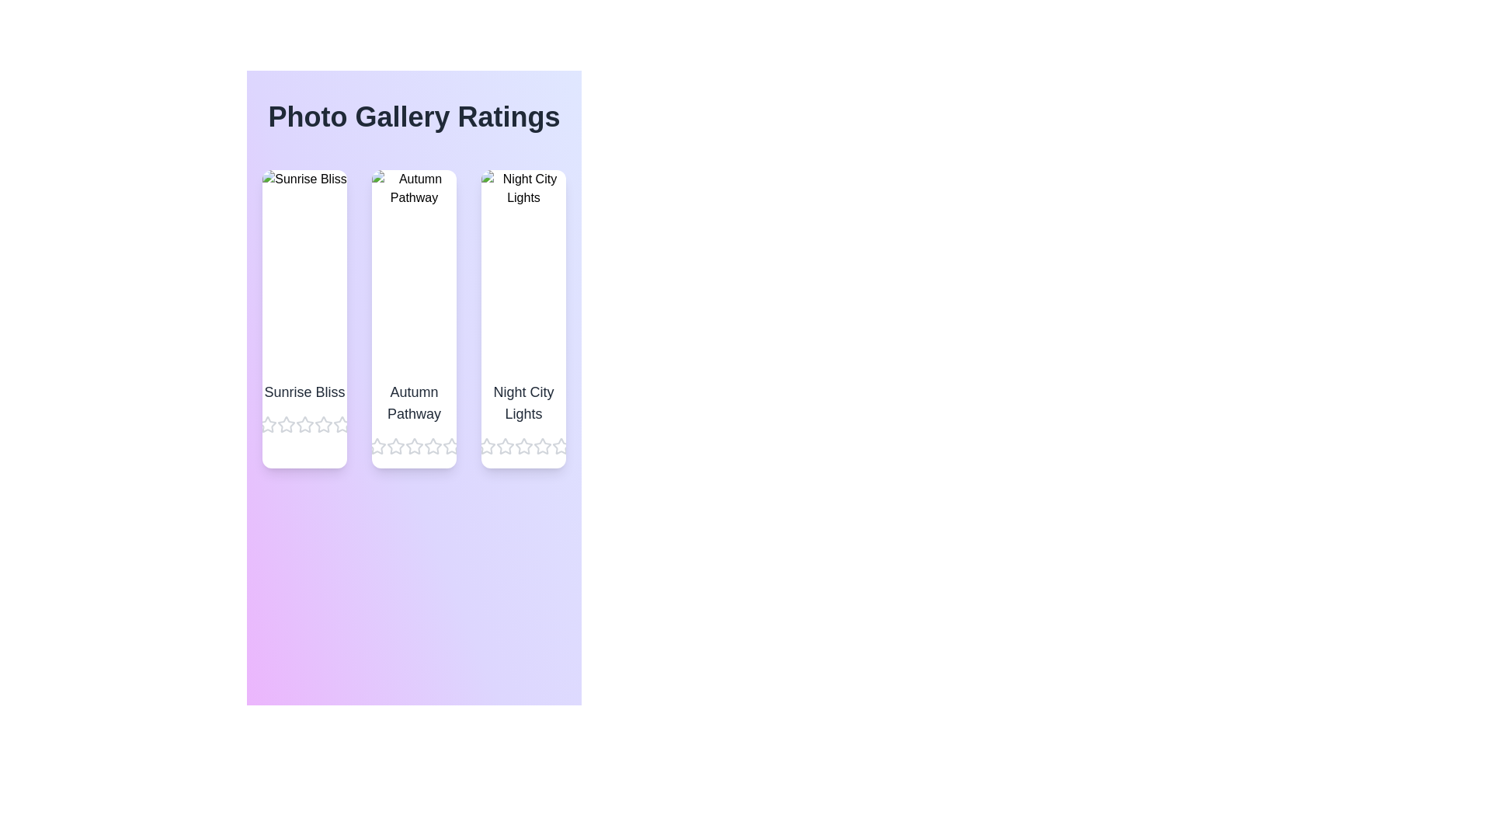  I want to click on the star corresponding to 2 stars for the image titled Autumn Pathway, so click(395, 446).